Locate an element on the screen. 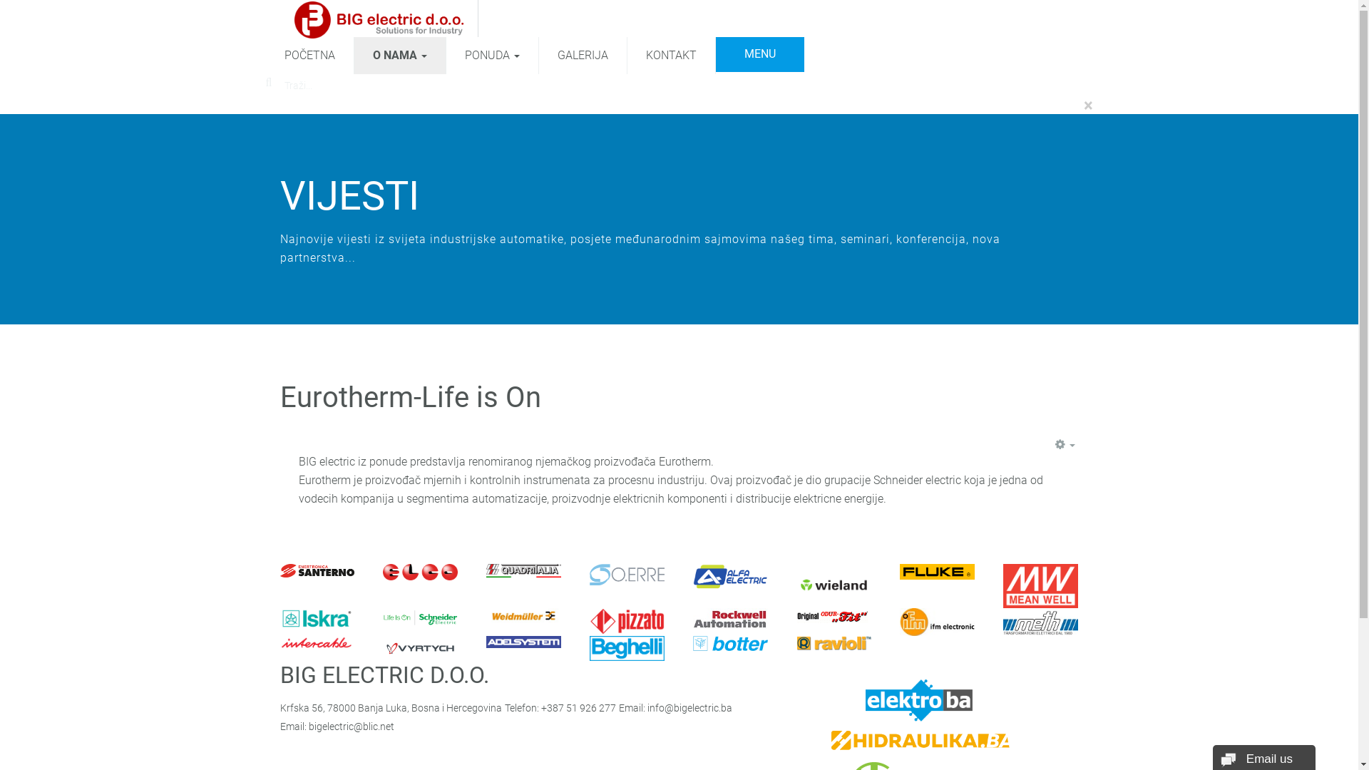 Image resolution: width=1369 pixels, height=770 pixels. 'Ravioli' is located at coordinates (796, 643).